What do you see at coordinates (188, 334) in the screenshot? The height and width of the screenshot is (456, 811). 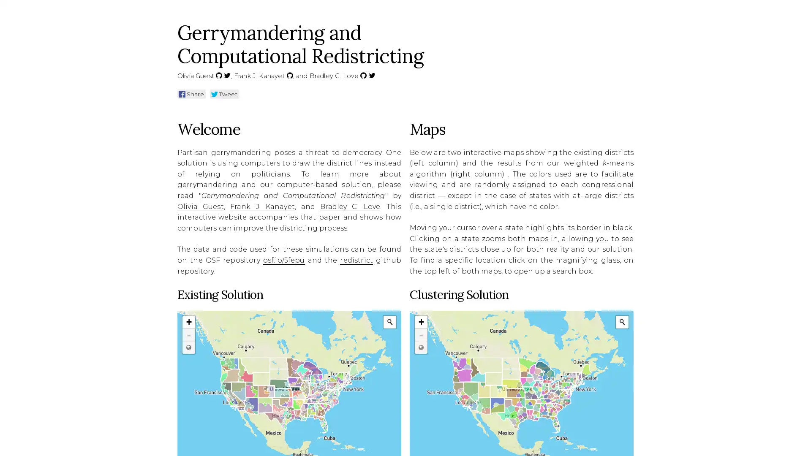 I see `Zoom out` at bounding box center [188, 334].